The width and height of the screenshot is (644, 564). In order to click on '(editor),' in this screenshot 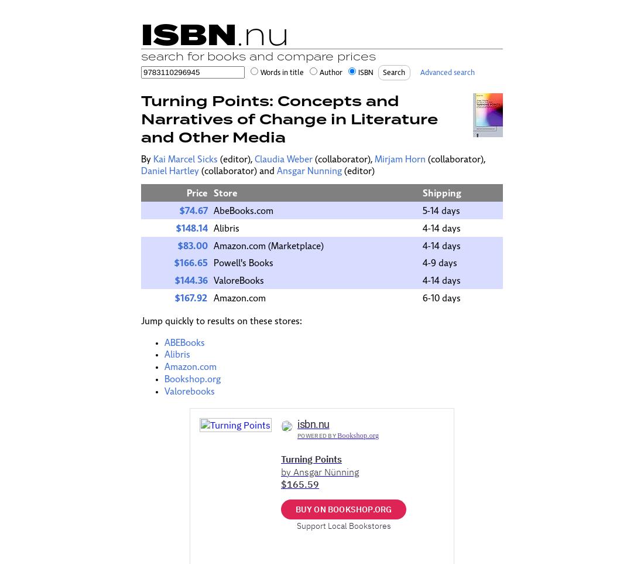, I will do `click(236, 159)`.